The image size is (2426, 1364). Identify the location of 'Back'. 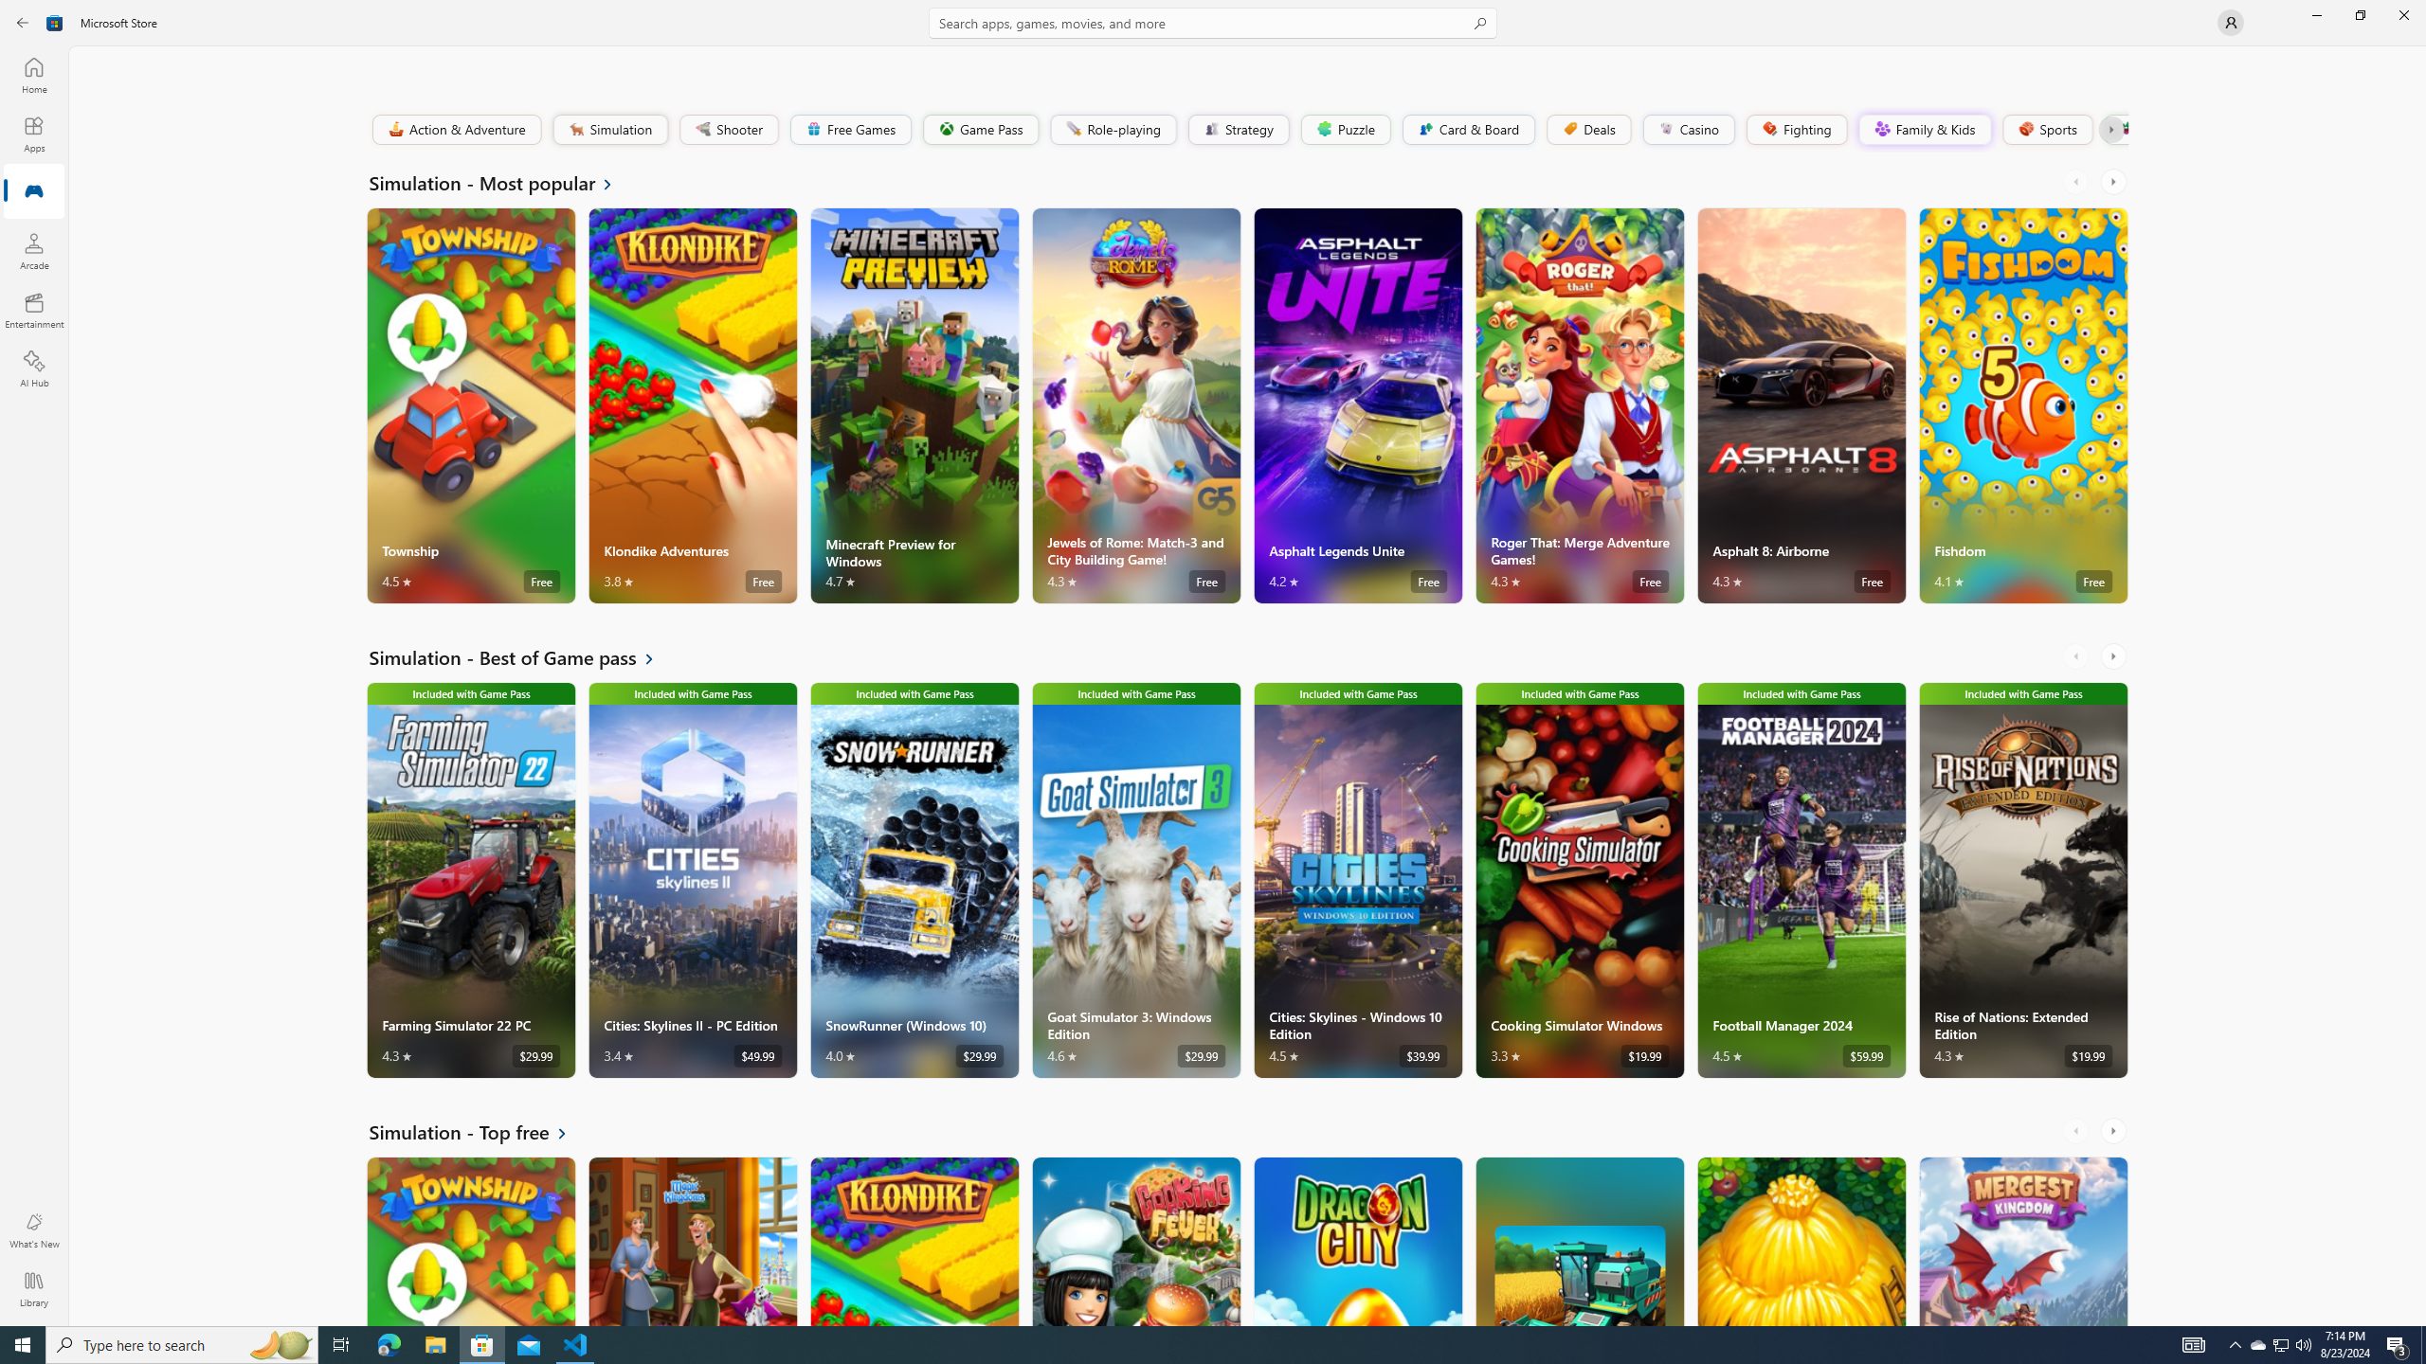
(23, 21).